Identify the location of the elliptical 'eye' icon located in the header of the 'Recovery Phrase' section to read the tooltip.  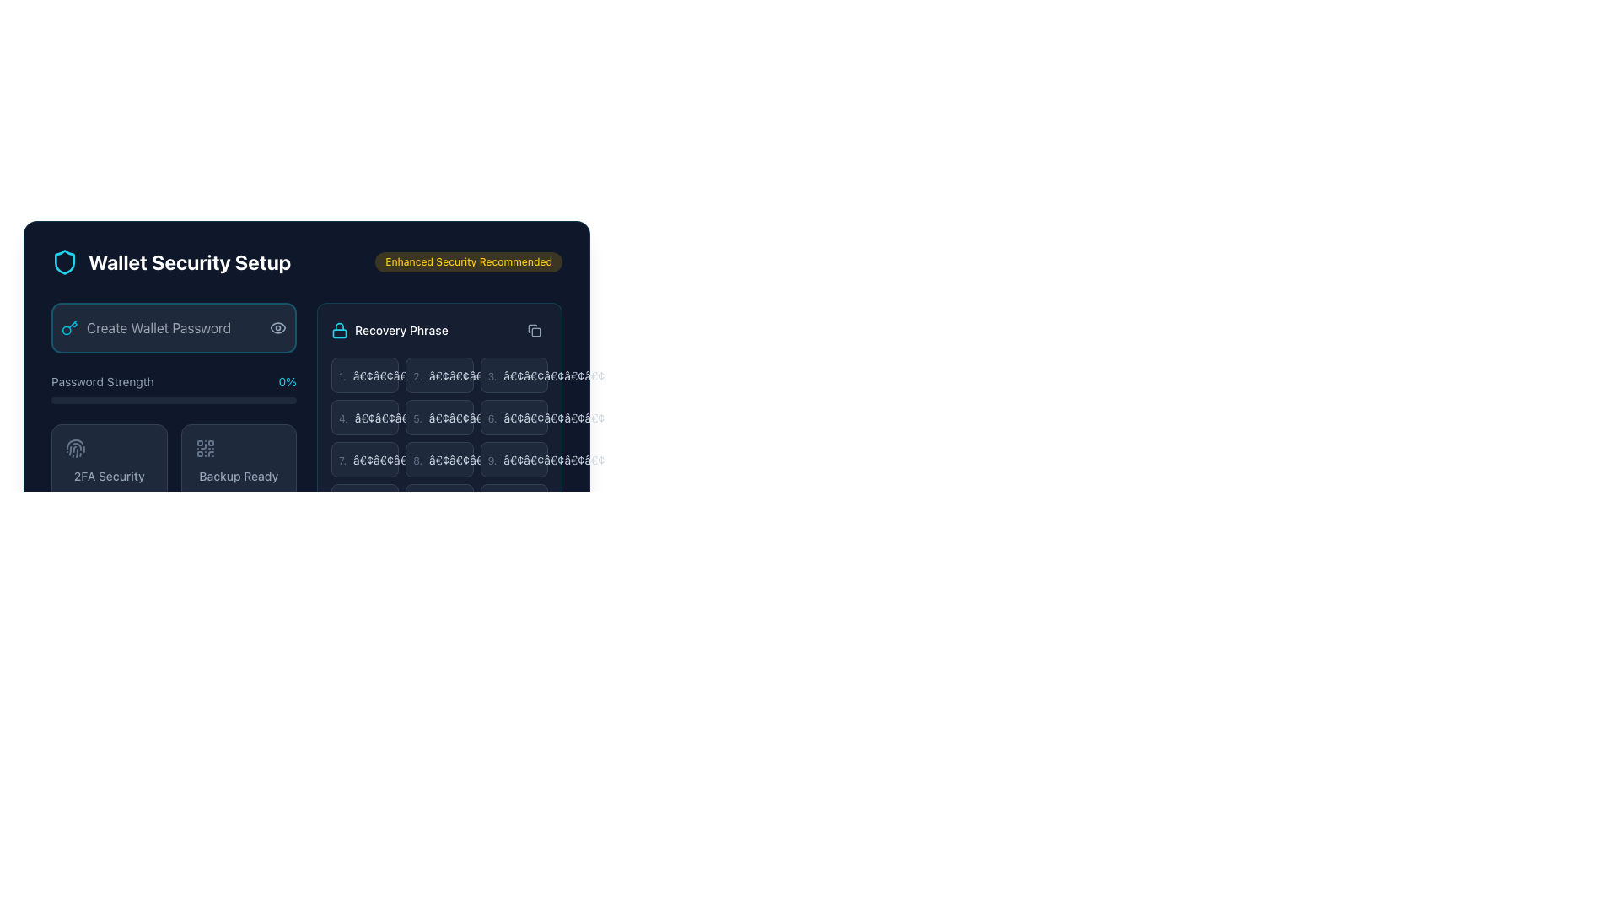
(278, 328).